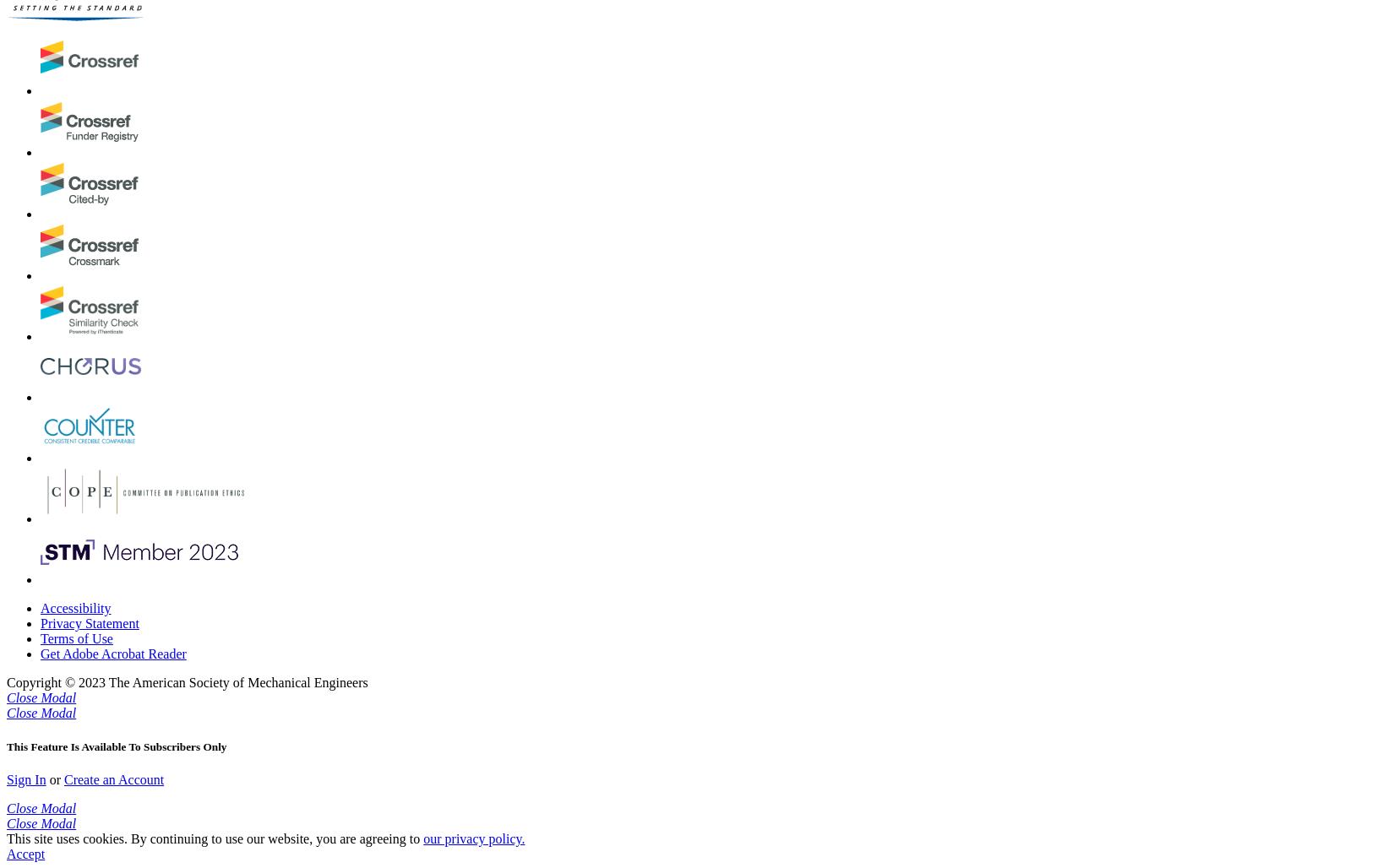 The height and width of the screenshot is (868, 1399). I want to click on 'Terms of Use', so click(75, 637).